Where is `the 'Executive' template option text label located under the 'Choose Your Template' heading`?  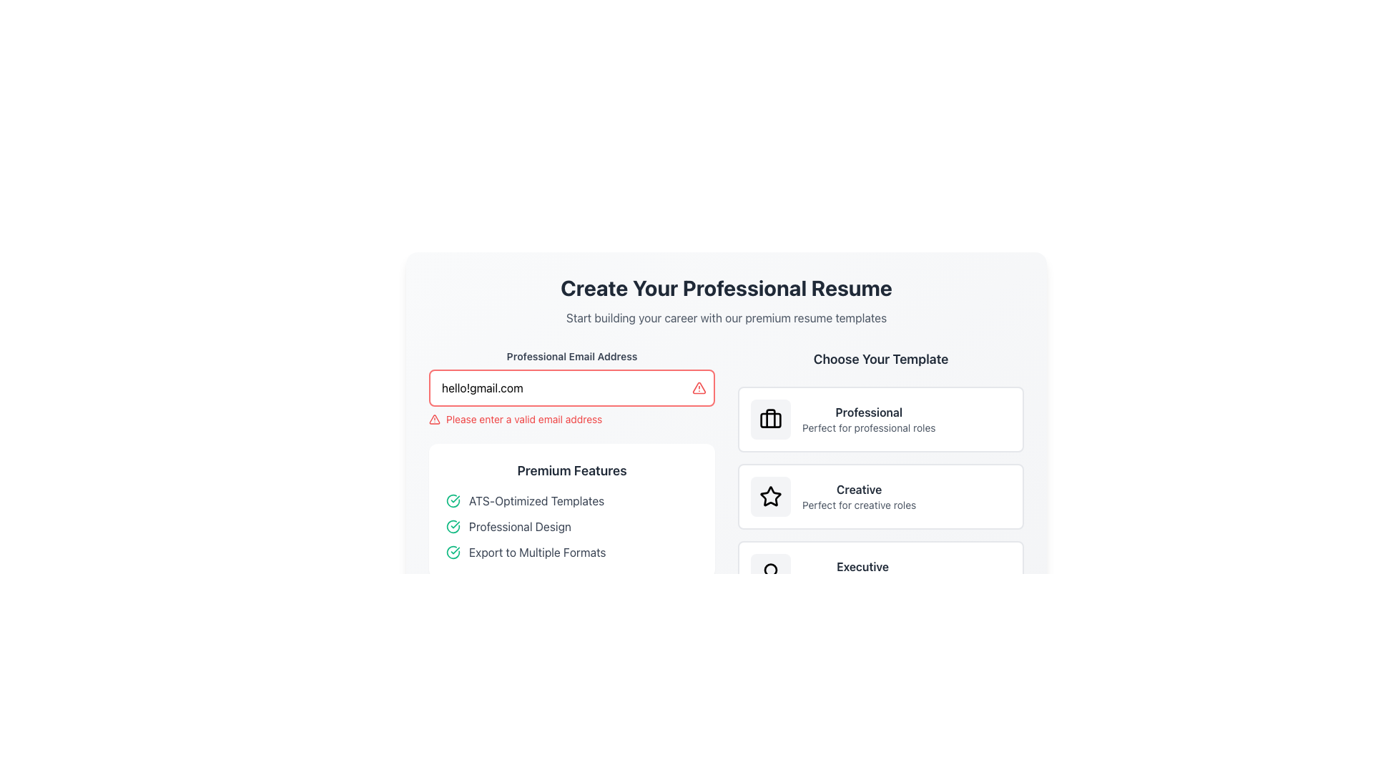 the 'Executive' template option text label located under the 'Choose Your Template' heading is located at coordinates (862, 566).